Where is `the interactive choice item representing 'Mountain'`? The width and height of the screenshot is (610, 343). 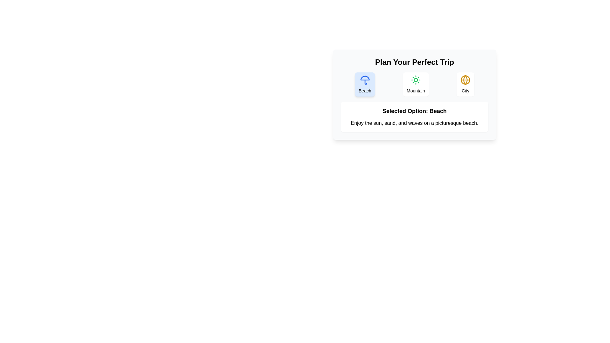 the interactive choice item representing 'Mountain' is located at coordinates (415, 84).